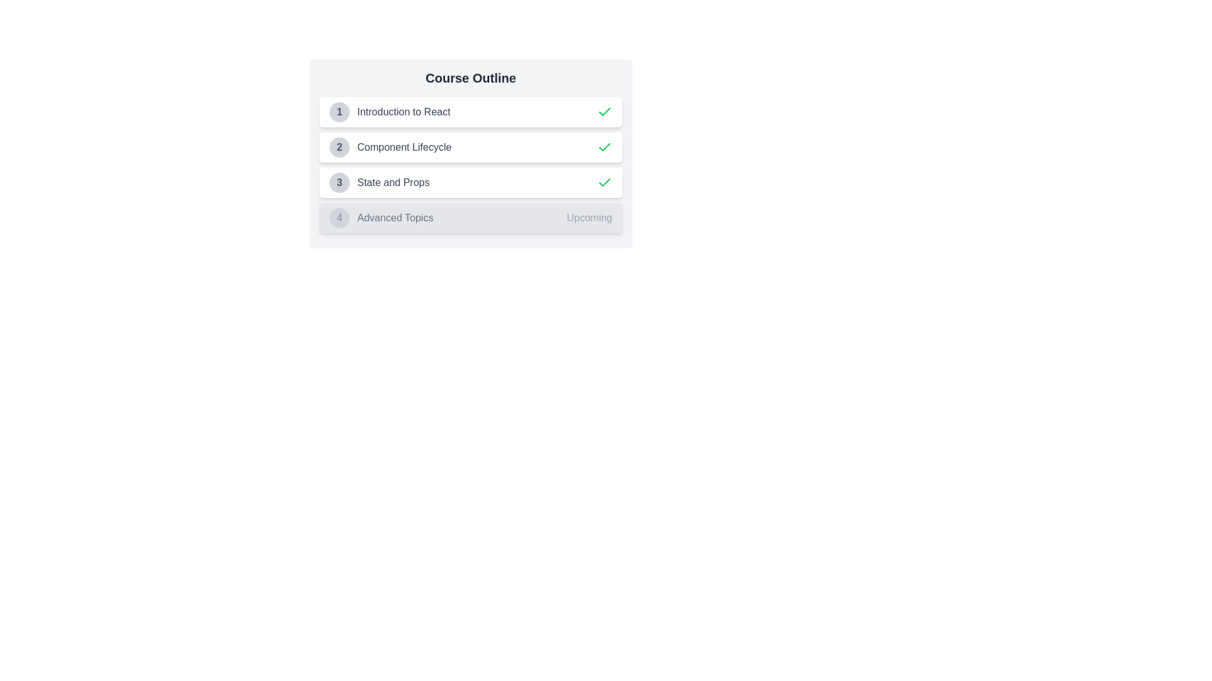 This screenshot has height=681, width=1212. I want to click on the button that serves as a visual indicator for the 'Component Lifecycle' section in the course outline list, so click(339, 147).